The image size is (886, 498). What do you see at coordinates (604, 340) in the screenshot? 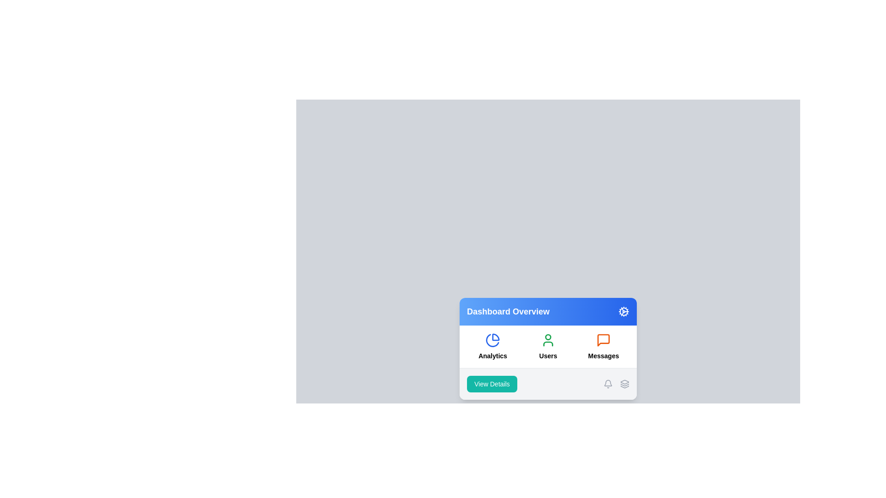
I see `the messaging vector icon located in the Dashboard Overview card` at bounding box center [604, 340].